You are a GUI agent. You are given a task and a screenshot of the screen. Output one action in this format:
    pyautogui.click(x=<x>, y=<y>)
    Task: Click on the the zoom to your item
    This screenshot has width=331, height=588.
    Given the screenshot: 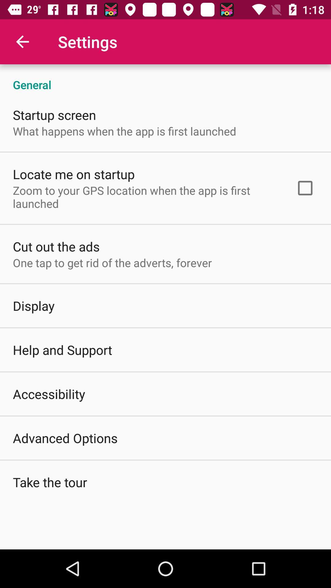 What is the action you would take?
    pyautogui.click(x=146, y=197)
    